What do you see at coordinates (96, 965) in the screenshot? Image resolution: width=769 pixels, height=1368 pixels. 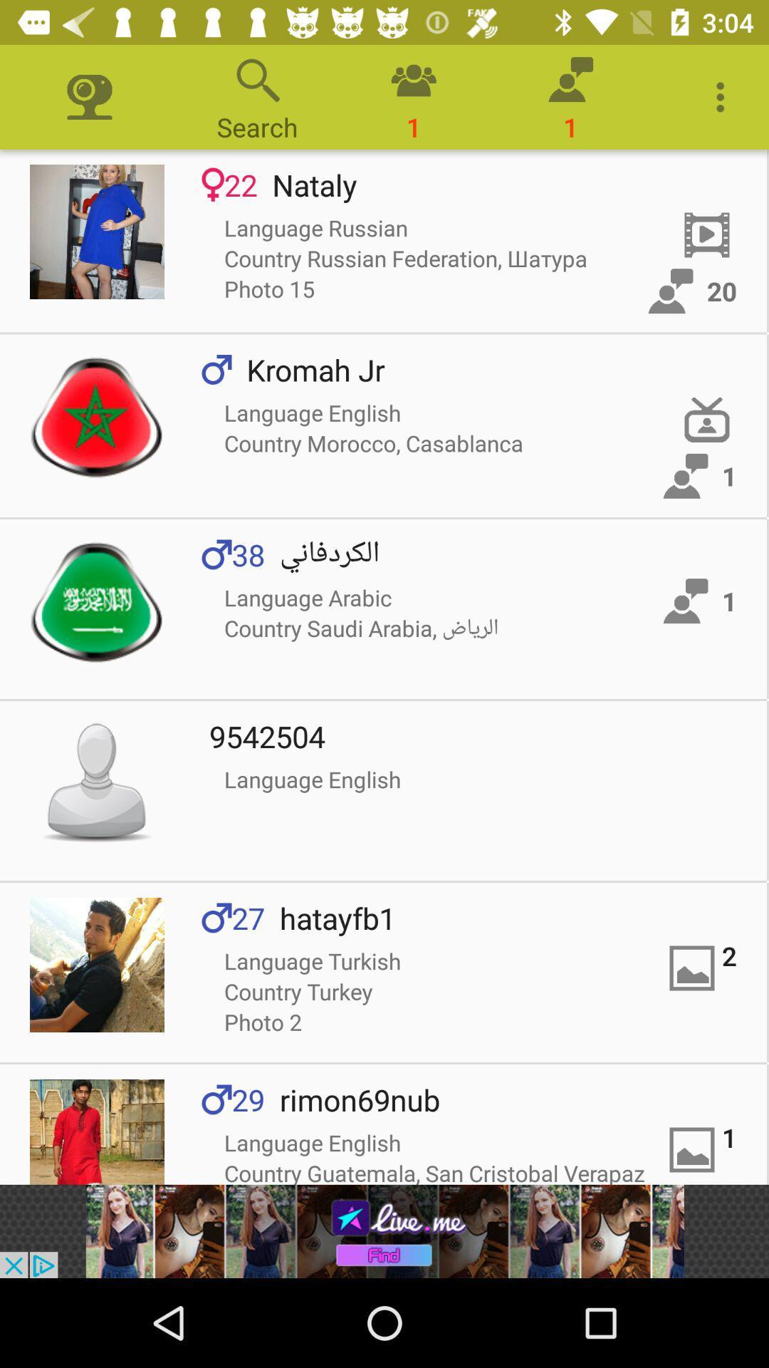 I see `open picture` at bounding box center [96, 965].